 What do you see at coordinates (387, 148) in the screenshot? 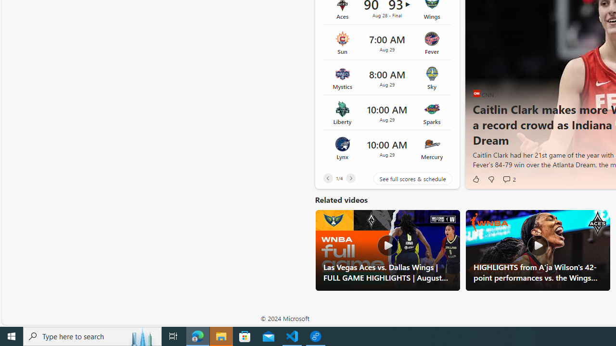
I see `'Lynx vs Mercury Time 10:00 AM Date Aug 29'` at bounding box center [387, 148].